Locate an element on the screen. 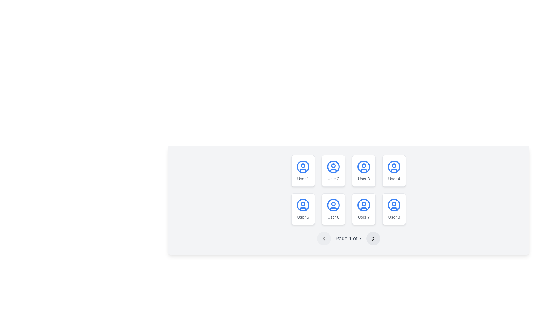 The height and width of the screenshot is (309, 550). the text label displaying 'User 1', which is located at the bottom-center of the user card with a gray font and a white background is located at coordinates (302, 178).